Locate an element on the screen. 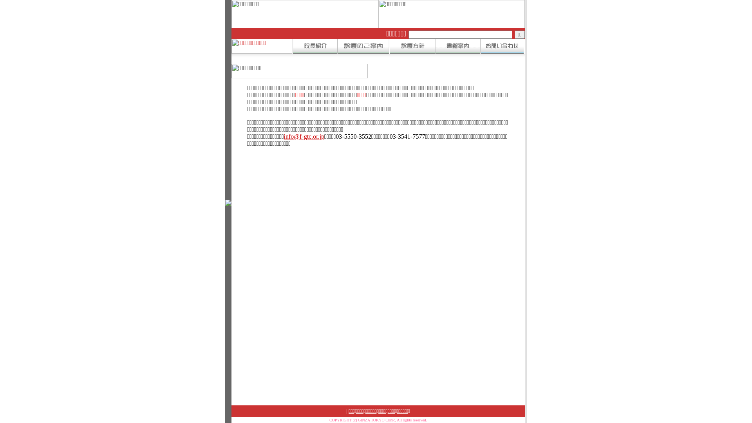  'info@f-gtc.or.jp' is located at coordinates (304, 136).